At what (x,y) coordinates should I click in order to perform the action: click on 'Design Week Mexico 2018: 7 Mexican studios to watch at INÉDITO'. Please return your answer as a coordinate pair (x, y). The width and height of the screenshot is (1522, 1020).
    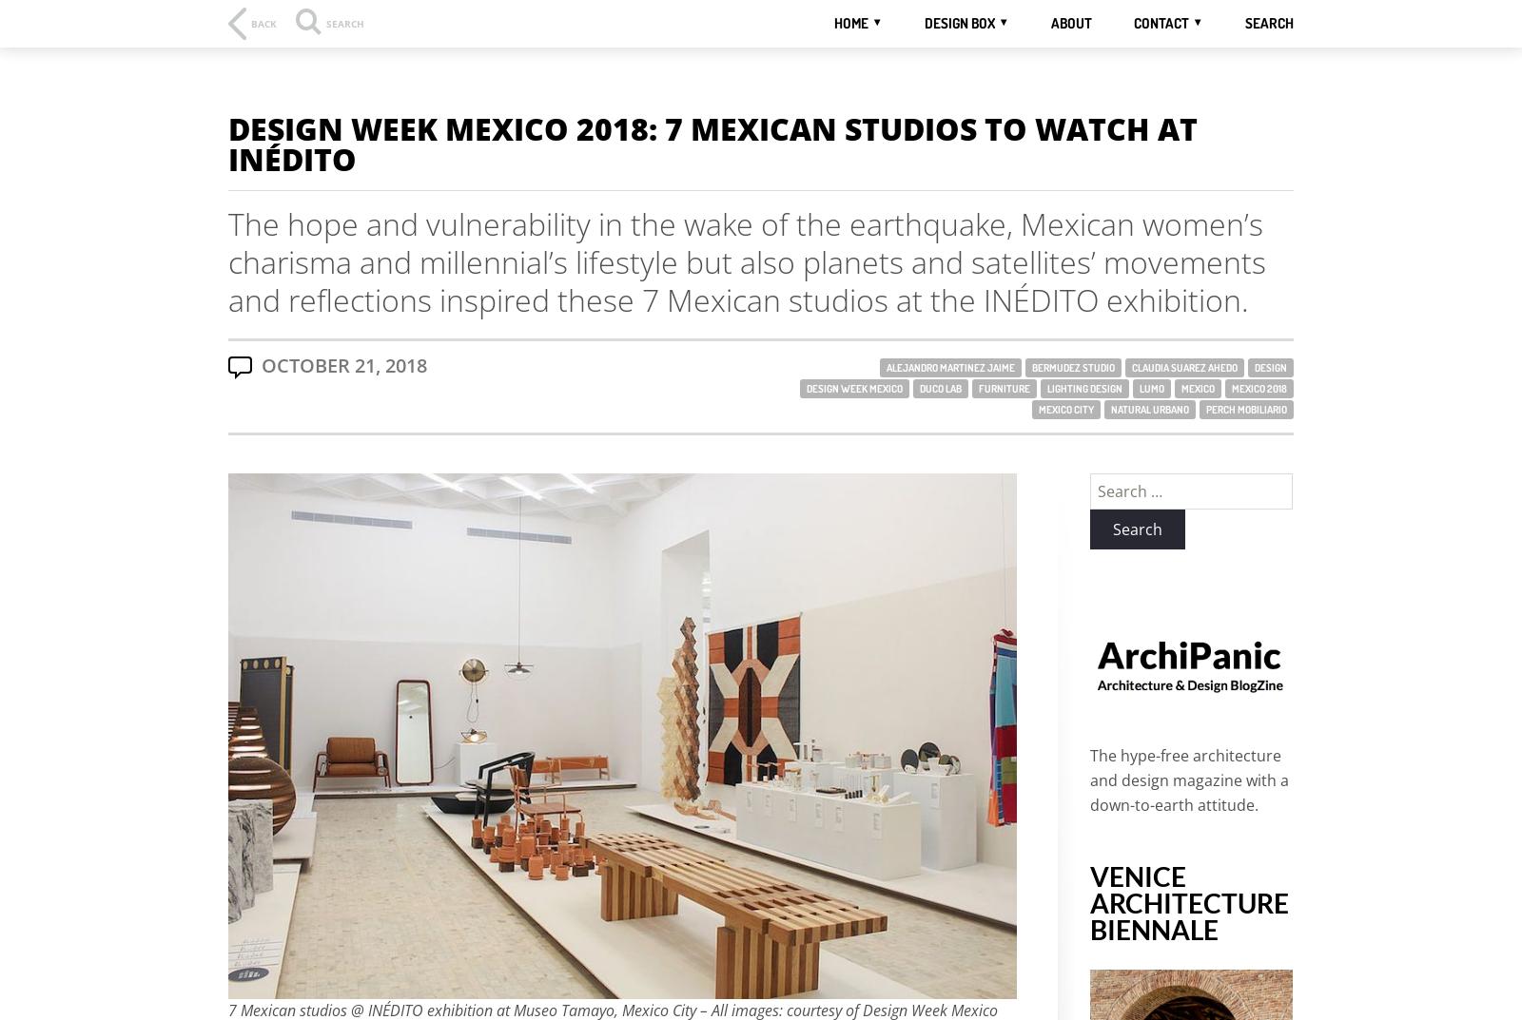
    Looking at the image, I should click on (228, 143).